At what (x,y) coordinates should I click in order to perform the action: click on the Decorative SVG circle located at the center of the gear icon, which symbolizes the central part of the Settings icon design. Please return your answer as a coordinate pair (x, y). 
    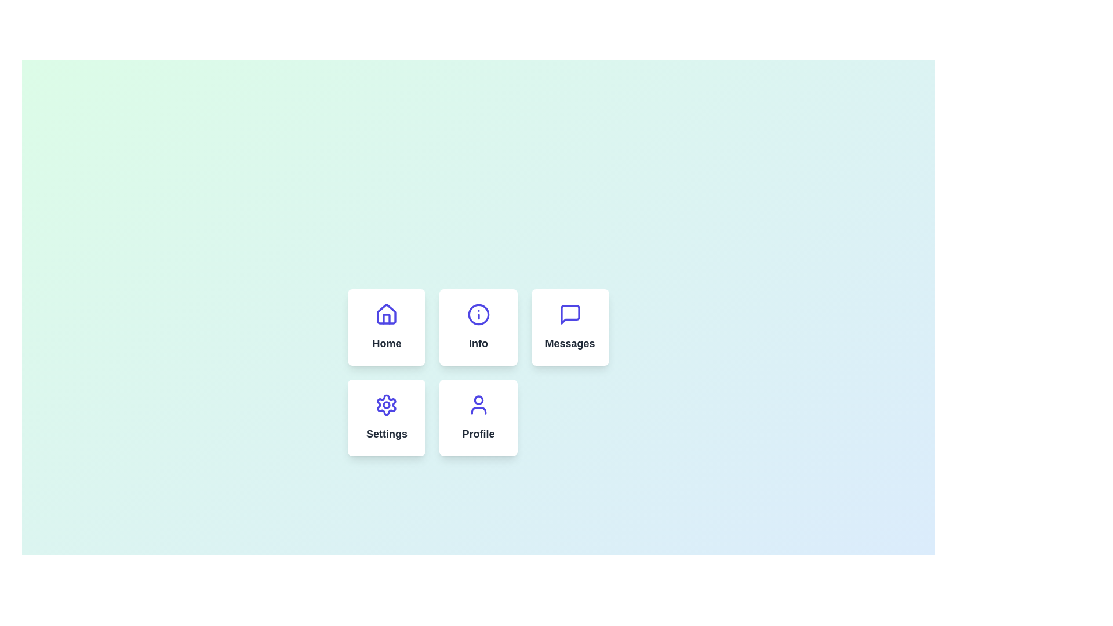
    Looking at the image, I should click on (387, 404).